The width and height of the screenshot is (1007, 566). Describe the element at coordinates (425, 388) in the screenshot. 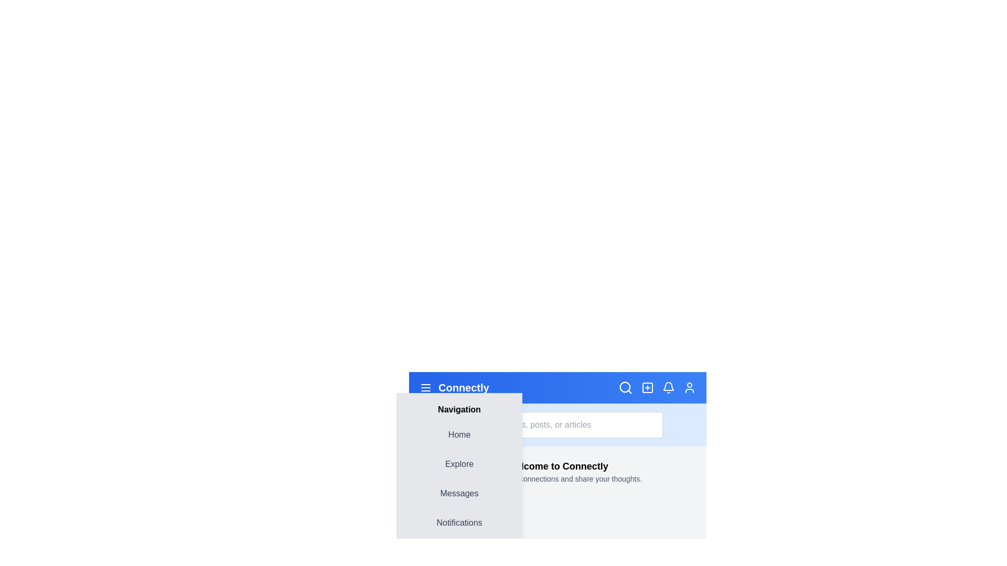

I see `the menu icon to toggle the sidebar` at that location.